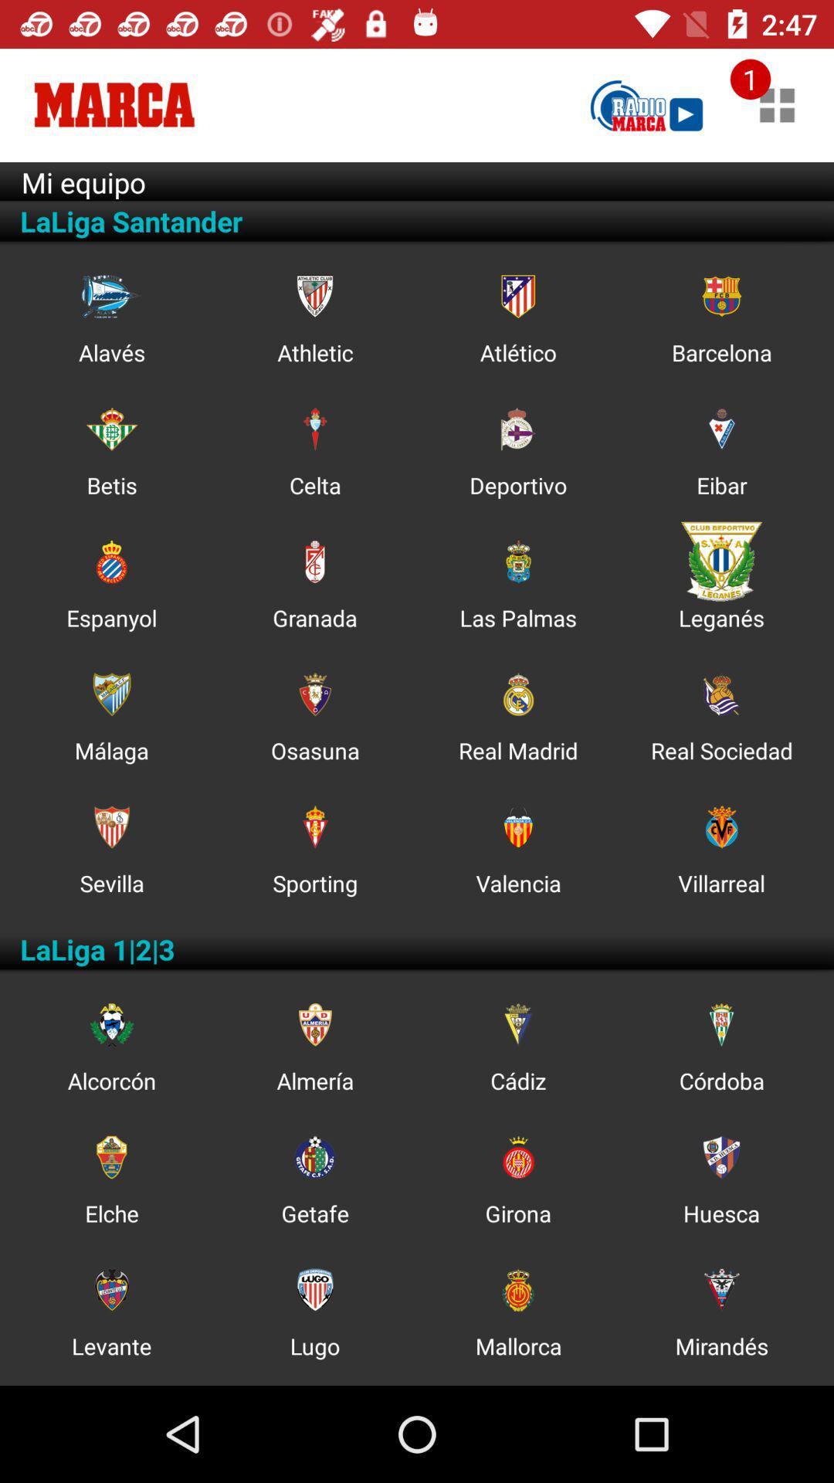 This screenshot has height=1483, width=834. Describe the element at coordinates (110, 1024) in the screenshot. I see `the settings icon` at that location.